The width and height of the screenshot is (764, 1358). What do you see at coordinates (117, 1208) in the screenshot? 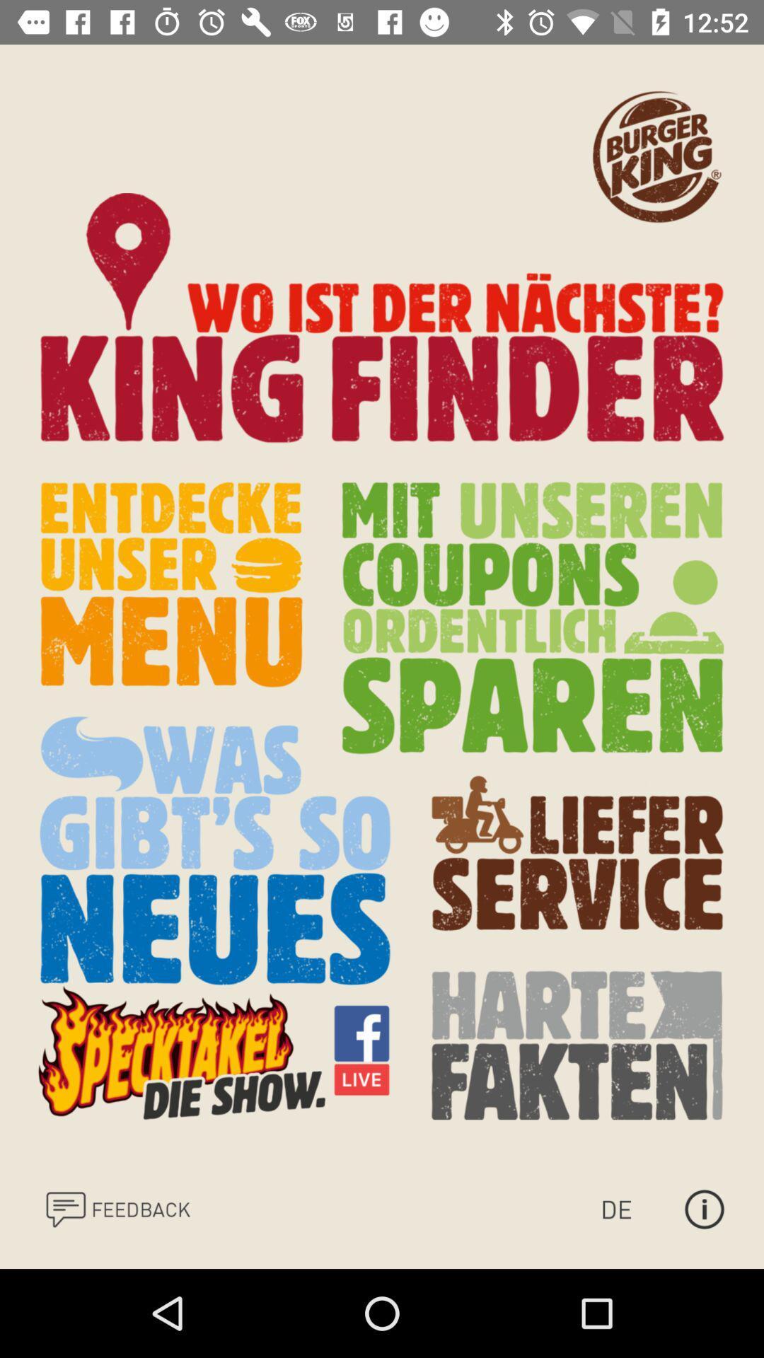
I see `send your feedback` at bounding box center [117, 1208].